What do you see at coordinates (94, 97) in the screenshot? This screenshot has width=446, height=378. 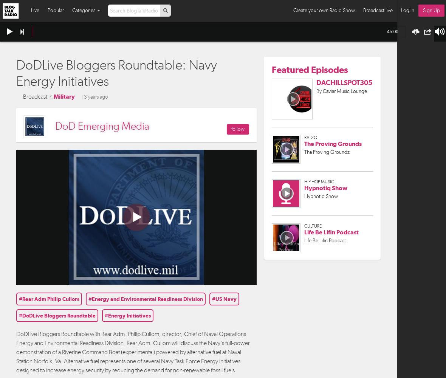 I see `'13 years ago'` at bounding box center [94, 97].